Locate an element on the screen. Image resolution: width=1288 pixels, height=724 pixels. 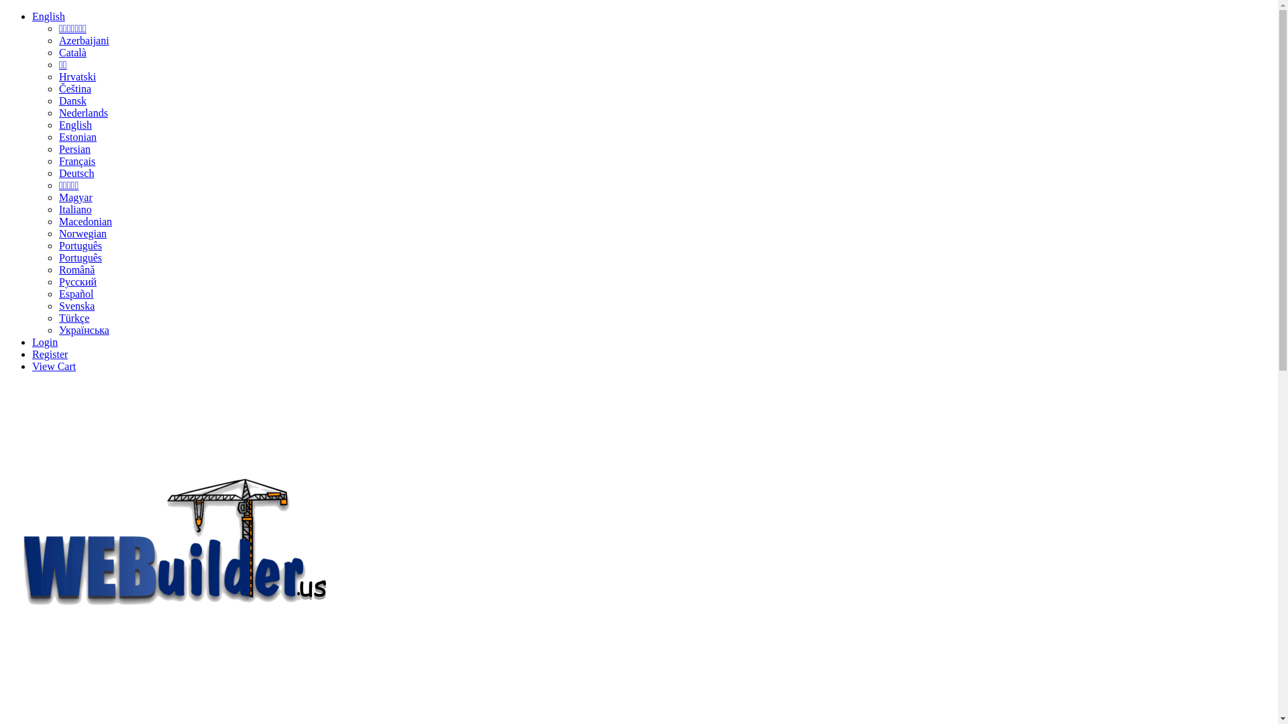
'Magyar' is located at coordinates (75, 197).